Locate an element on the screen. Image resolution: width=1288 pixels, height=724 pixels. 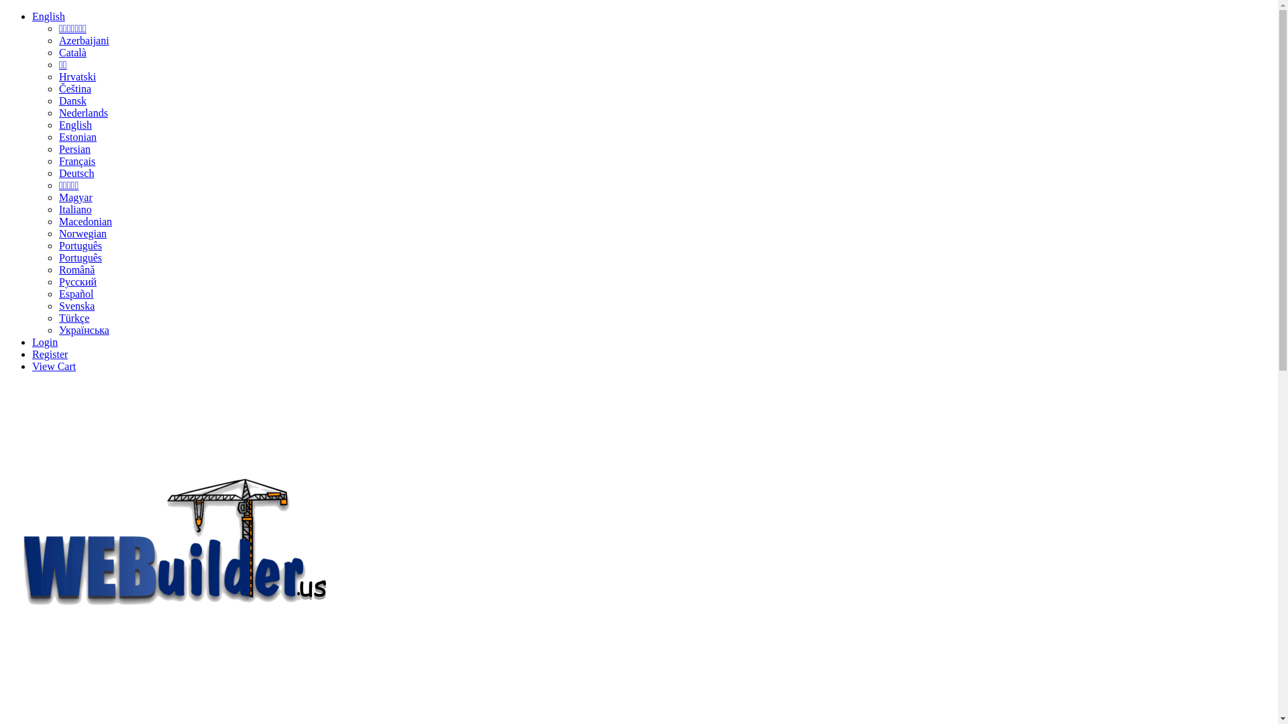
'Magyar' is located at coordinates (75, 197).